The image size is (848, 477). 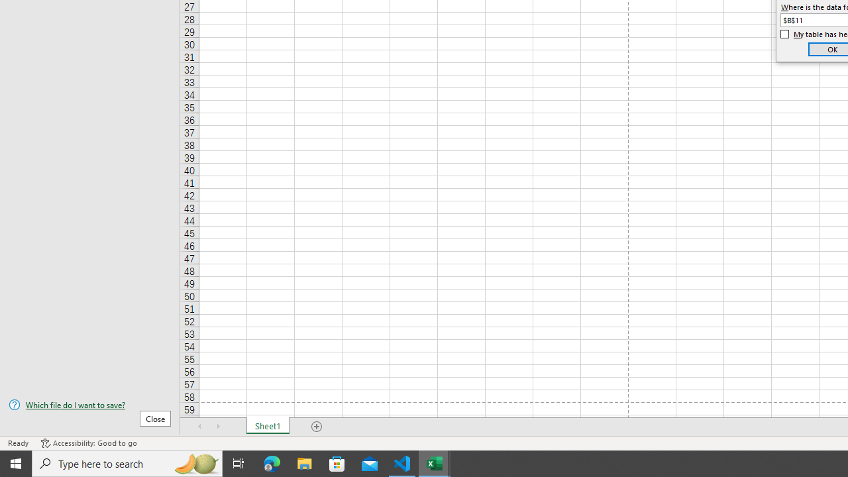 What do you see at coordinates (316, 427) in the screenshot?
I see `'Add Sheet'` at bounding box center [316, 427].